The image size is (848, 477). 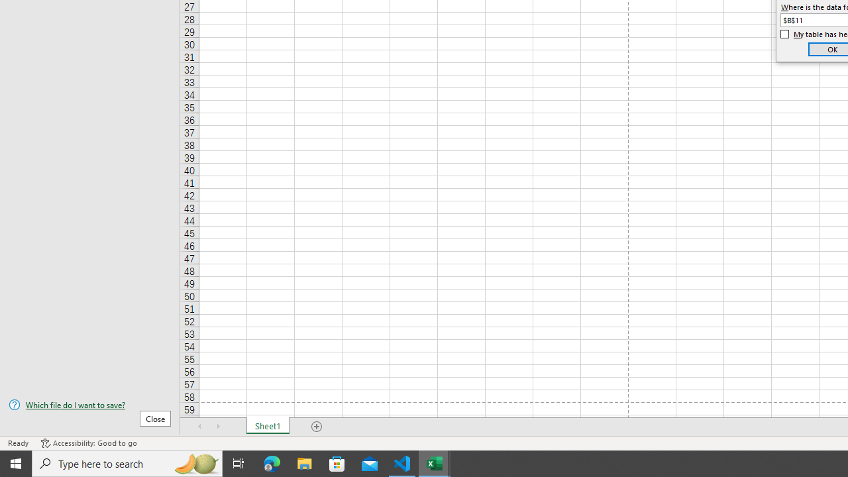 What do you see at coordinates (316, 427) in the screenshot?
I see `'Add Sheet'` at bounding box center [316, 427].